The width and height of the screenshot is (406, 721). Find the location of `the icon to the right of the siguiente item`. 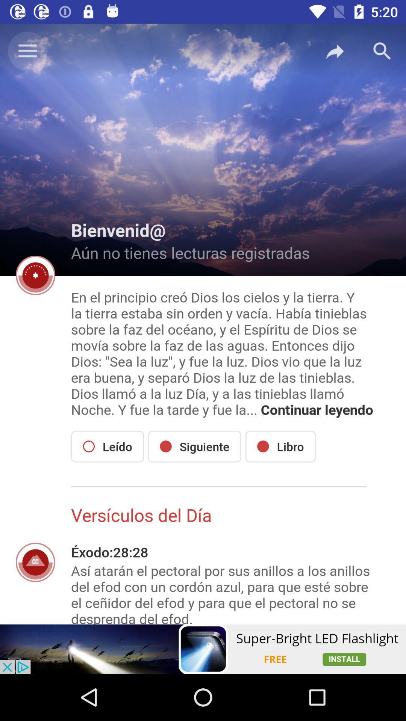

the icon to the right of the siguiente item is located at coordinates (280, 446).